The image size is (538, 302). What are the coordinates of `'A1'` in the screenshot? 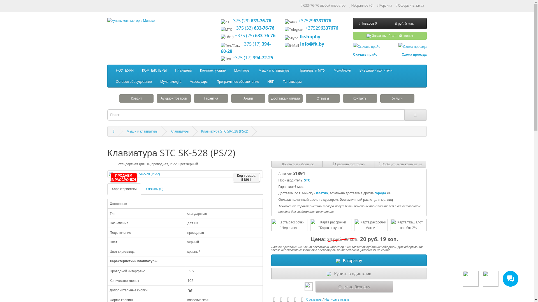 It's located at (225, 22).